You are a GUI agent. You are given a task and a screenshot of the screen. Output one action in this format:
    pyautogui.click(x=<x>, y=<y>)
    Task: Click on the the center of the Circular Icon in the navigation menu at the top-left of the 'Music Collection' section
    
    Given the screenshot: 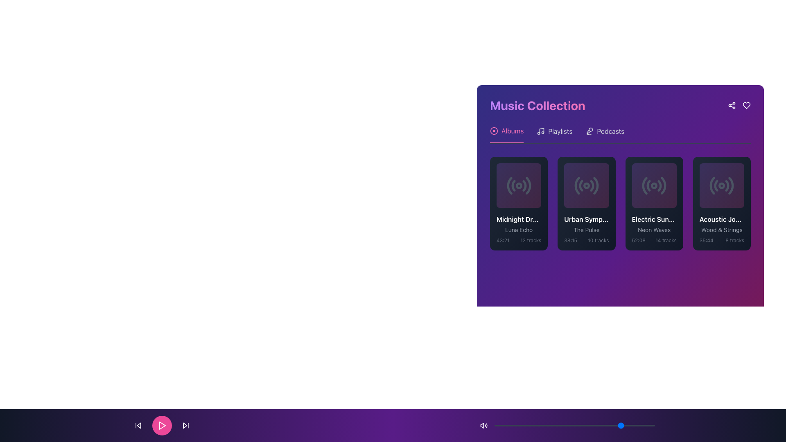 What is the action you would take?
    pyautogui.click(x=493, y=131)
    